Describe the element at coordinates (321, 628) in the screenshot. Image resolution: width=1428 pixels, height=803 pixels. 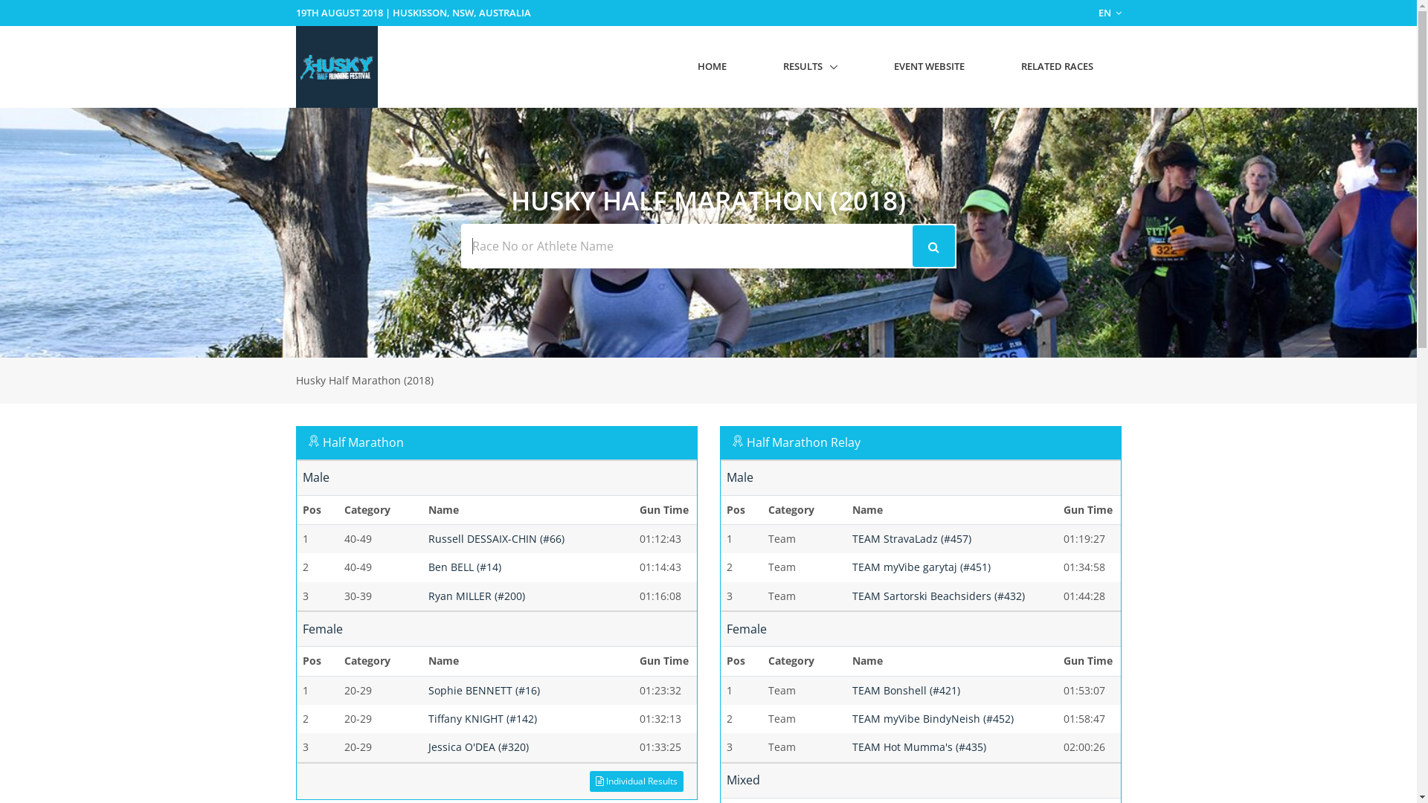
I see `'Female'` at that location.